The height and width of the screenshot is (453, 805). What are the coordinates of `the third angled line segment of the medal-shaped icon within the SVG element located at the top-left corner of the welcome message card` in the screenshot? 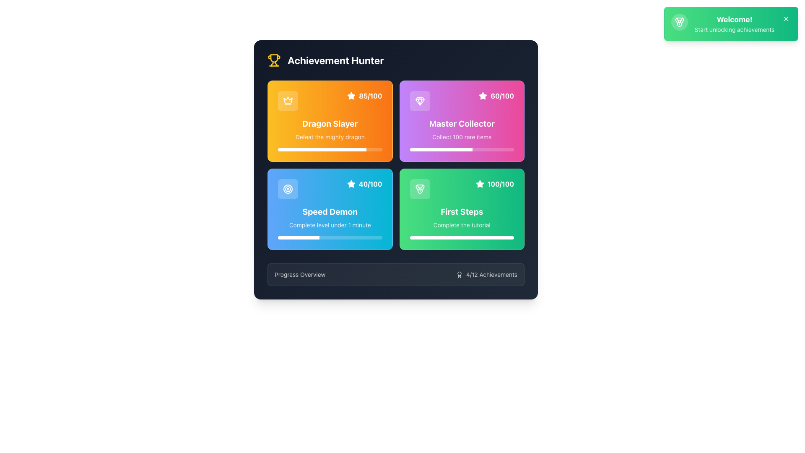 It's located at (681, 20).